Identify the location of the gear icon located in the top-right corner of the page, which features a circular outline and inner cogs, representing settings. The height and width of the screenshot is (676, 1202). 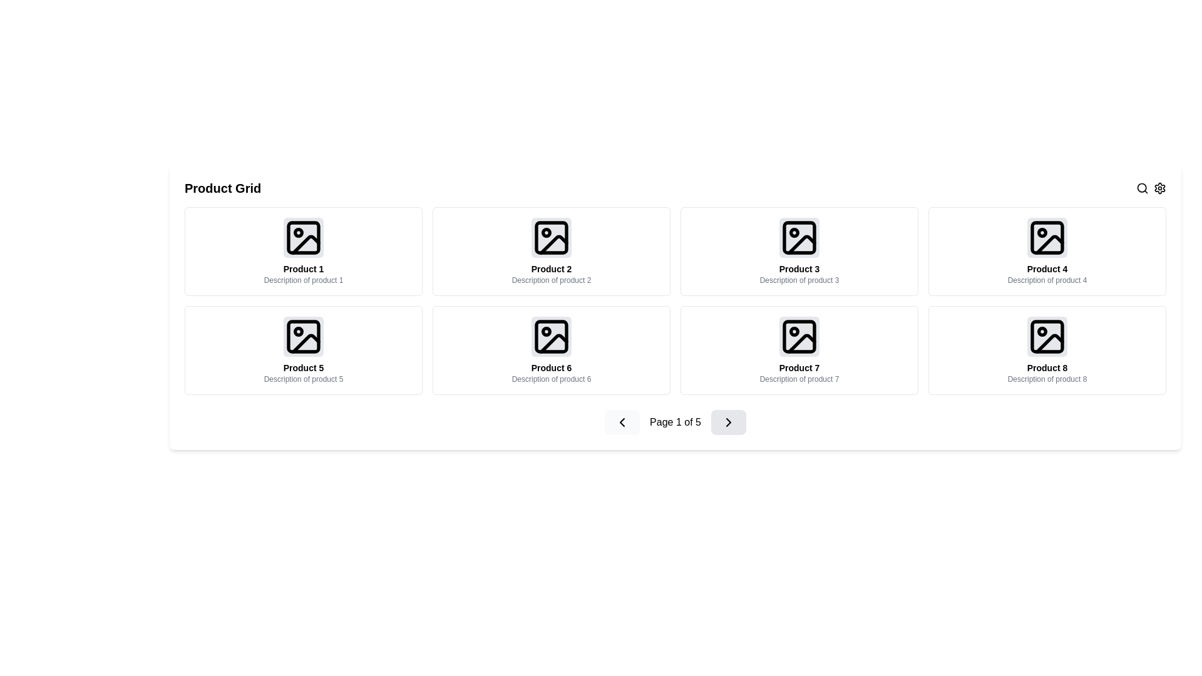
(1159, 188).